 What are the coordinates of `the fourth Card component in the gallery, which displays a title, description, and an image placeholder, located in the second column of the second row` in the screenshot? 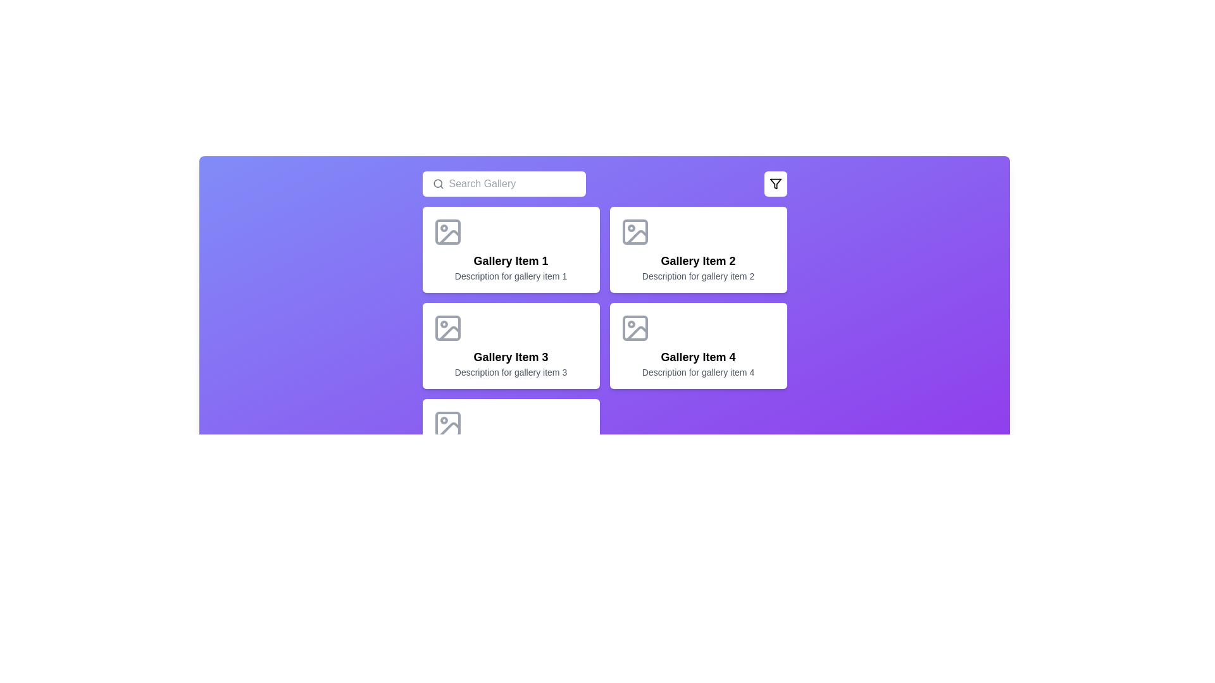 It's located at (697, 346).